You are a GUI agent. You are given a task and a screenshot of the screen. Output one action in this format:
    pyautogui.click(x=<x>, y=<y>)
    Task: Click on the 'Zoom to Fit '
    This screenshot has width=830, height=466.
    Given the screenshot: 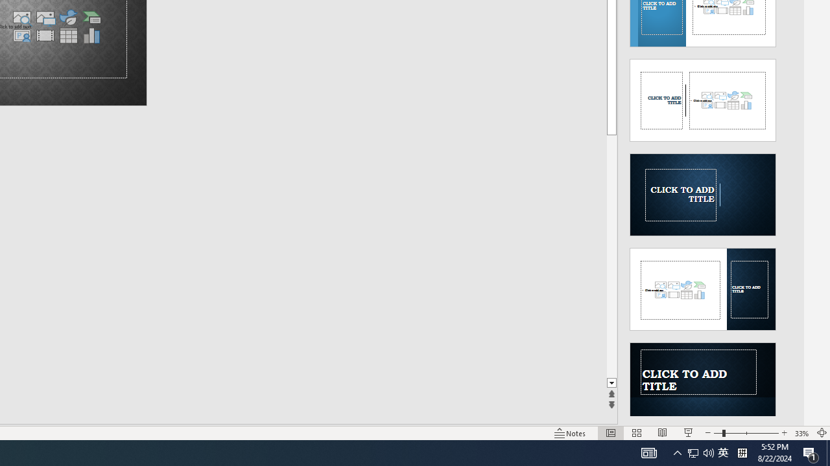 What is the action you would take?
    pyautogui.click(x=821, y=433)
    